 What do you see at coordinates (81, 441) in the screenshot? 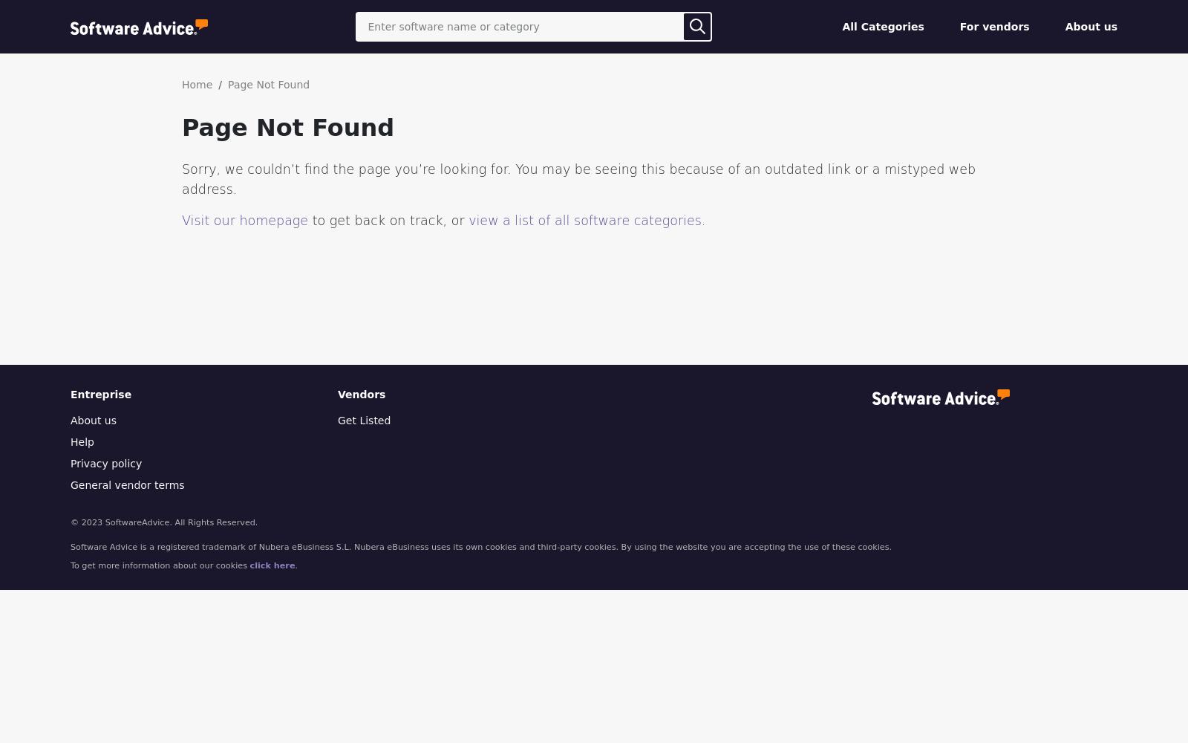
I see `'Help'` at bounding box center [81, 441].